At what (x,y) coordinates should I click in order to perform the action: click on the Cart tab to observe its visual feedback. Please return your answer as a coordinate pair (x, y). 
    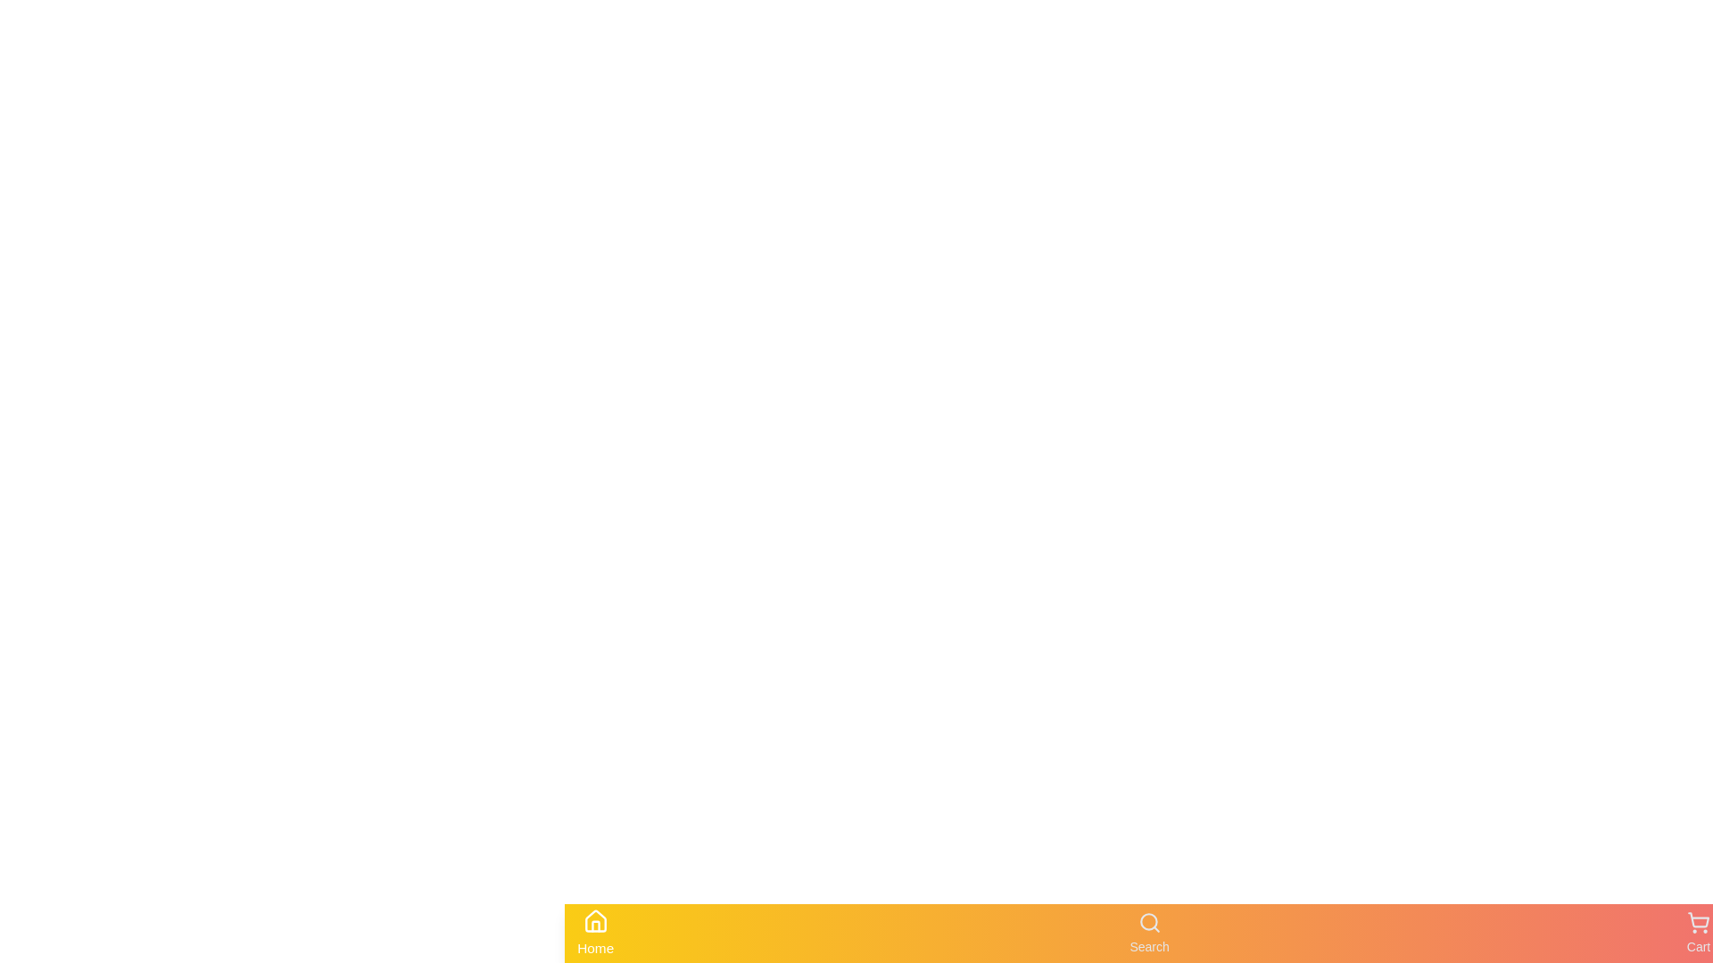
    Looking at the image, I should click on (1698, 932).